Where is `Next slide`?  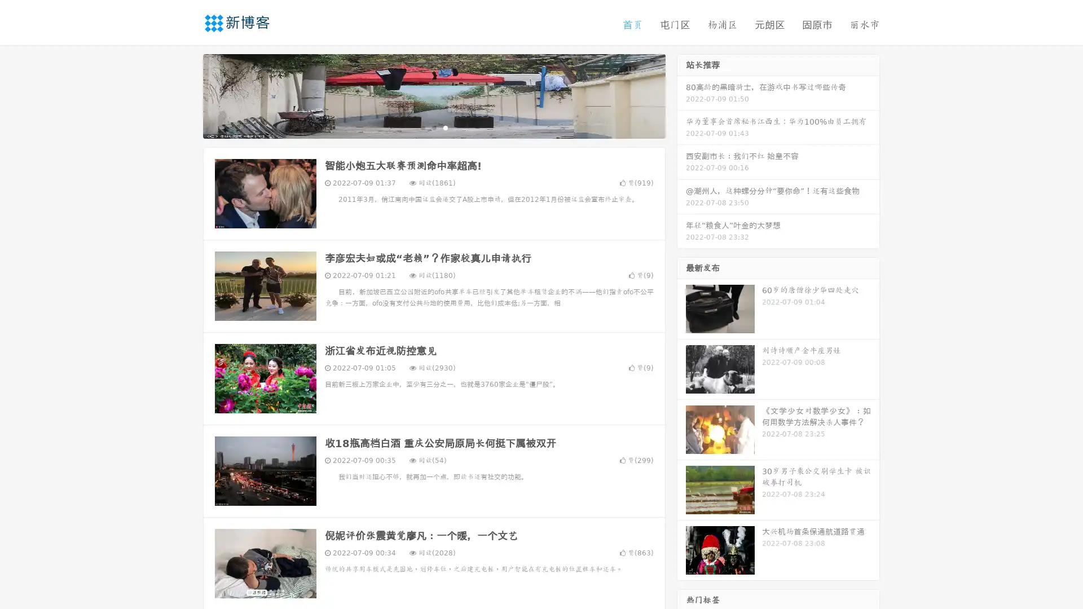
Next slide is located at coordinates (681, 95).